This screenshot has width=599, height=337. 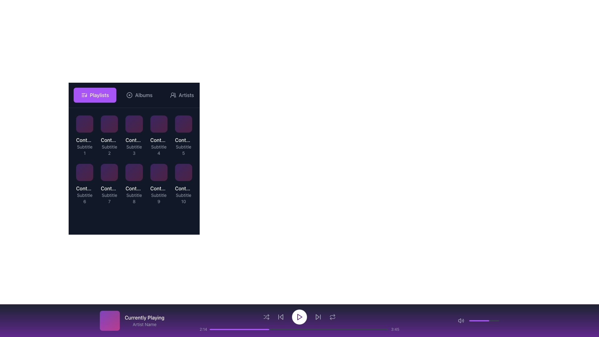 I want to click on the 'Artists' text label in the navigation menu, so click(x=186, y=95).